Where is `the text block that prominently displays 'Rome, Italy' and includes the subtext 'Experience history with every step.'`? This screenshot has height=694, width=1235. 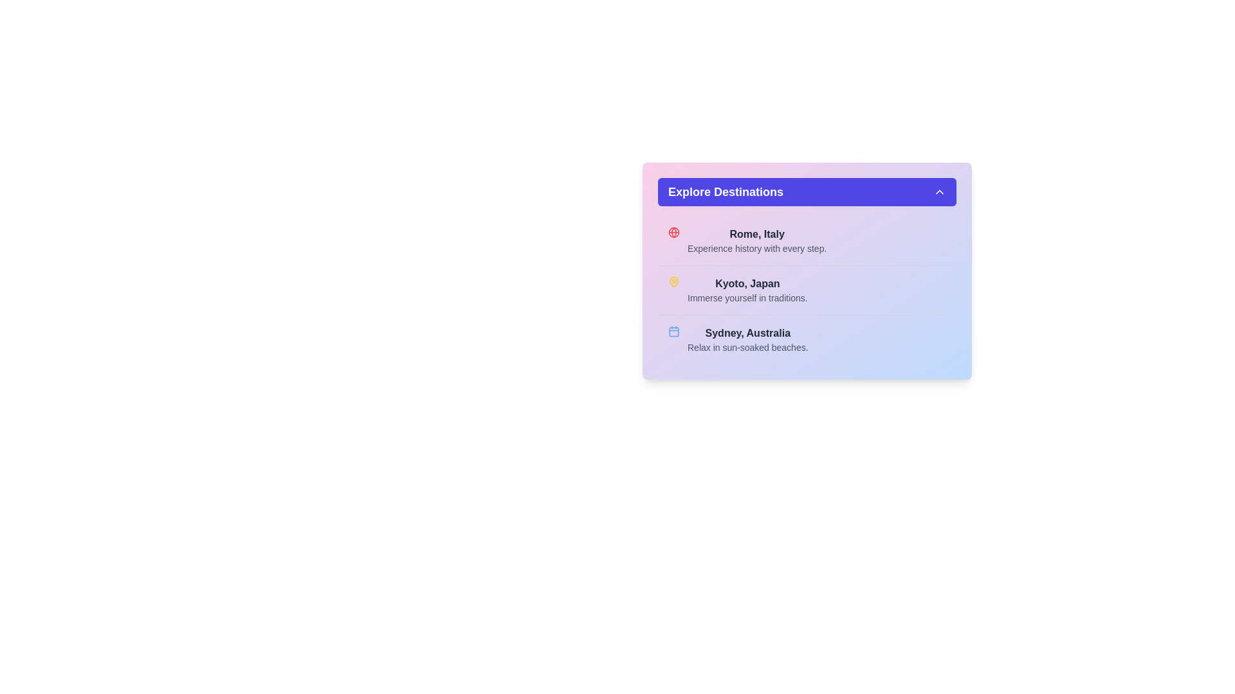
the text block that prominently displays 'Rome, Italy' and includes the subtext 'Experience history with every step.' is located at coordinates (757, 240).